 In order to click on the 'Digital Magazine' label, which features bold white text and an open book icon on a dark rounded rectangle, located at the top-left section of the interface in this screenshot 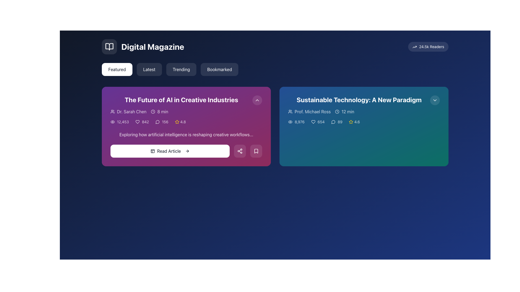, I will do `click(143, 47)`.